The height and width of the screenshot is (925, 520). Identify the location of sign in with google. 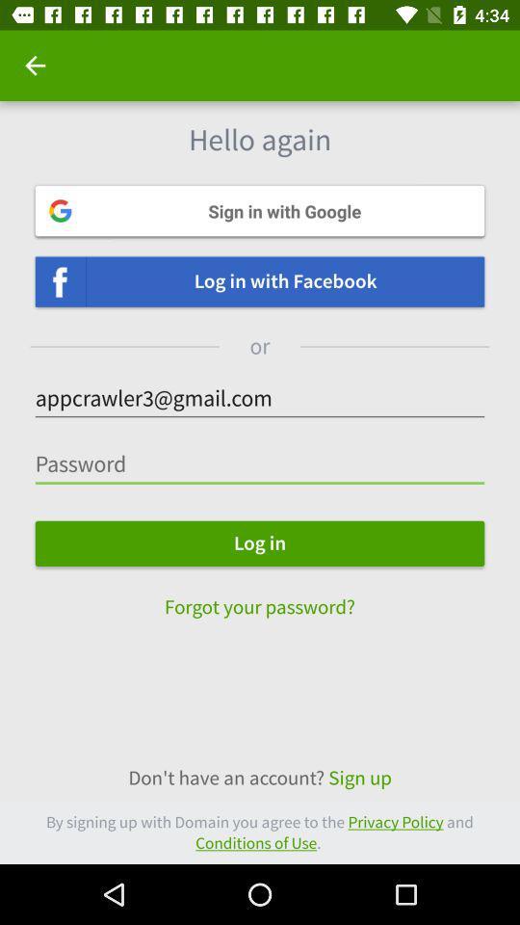
(260, 211).